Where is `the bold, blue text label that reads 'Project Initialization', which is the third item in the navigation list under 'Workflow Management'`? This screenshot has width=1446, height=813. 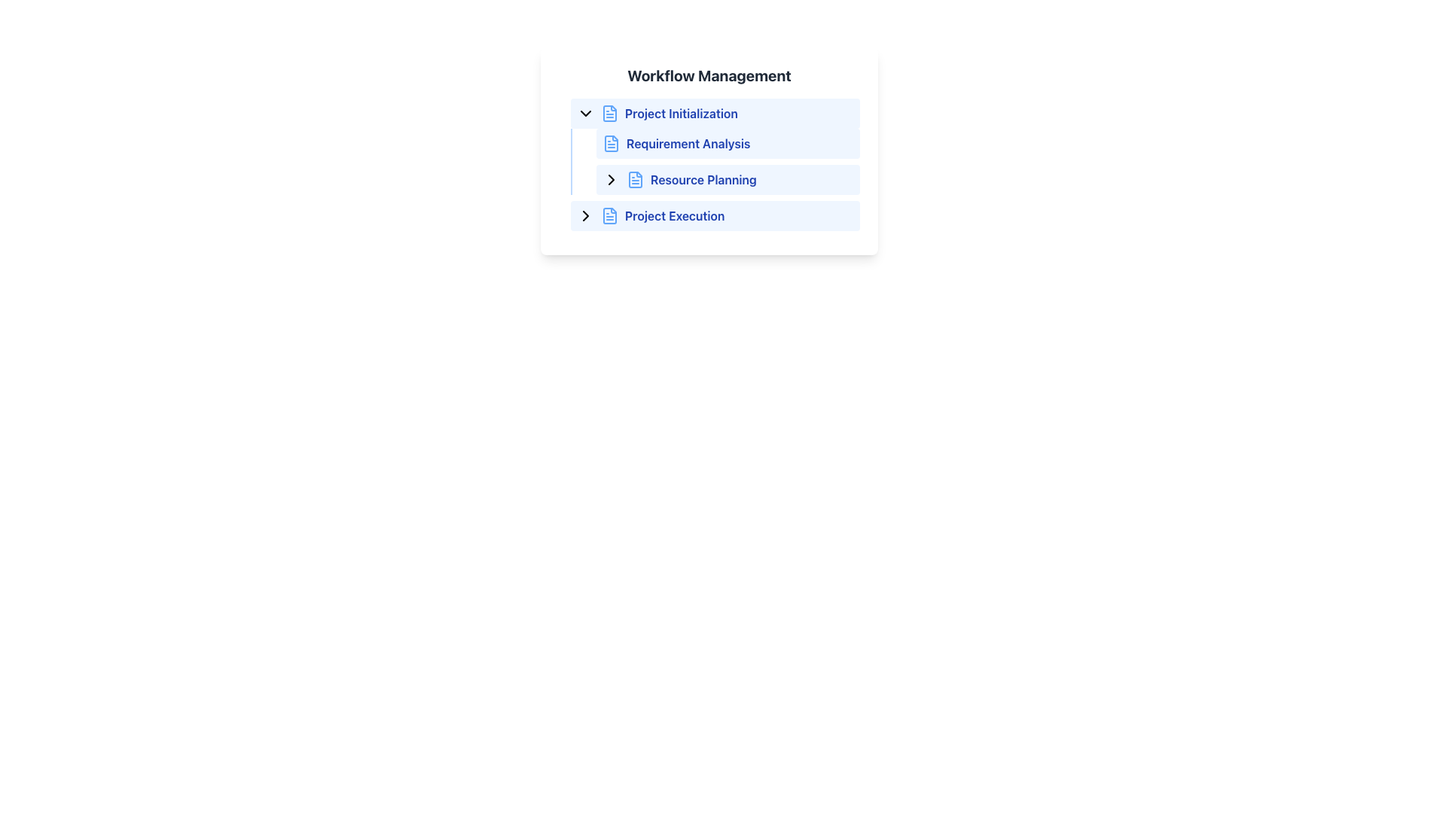 the bold, blue text label that reads 'Project Initialization', which is the third item in the navigation list under 'Workflow Management' is located at coordinates (680, 112).